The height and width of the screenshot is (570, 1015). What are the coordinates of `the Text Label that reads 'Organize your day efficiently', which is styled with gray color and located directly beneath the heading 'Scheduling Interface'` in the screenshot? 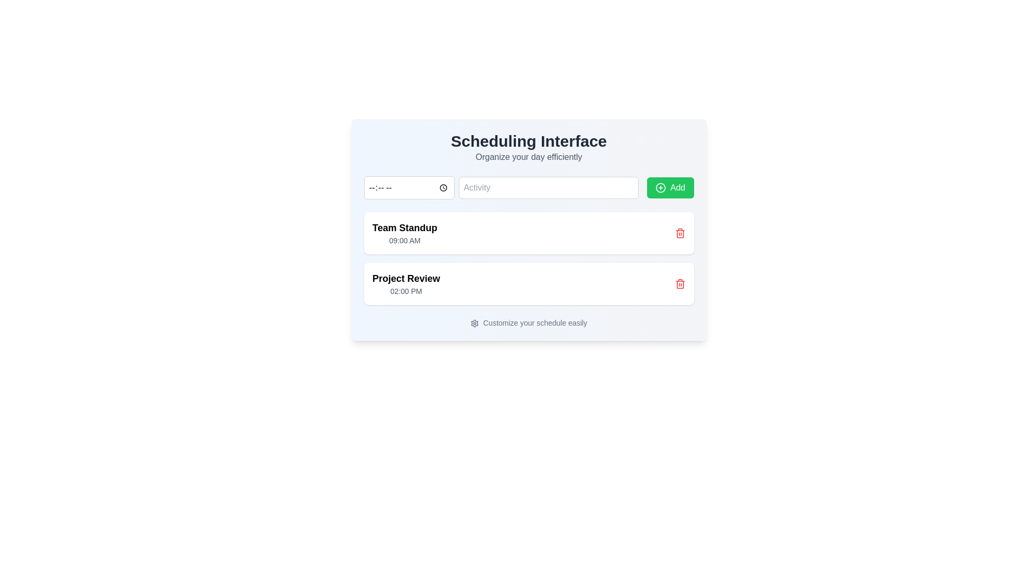 It's located at (529, 157).